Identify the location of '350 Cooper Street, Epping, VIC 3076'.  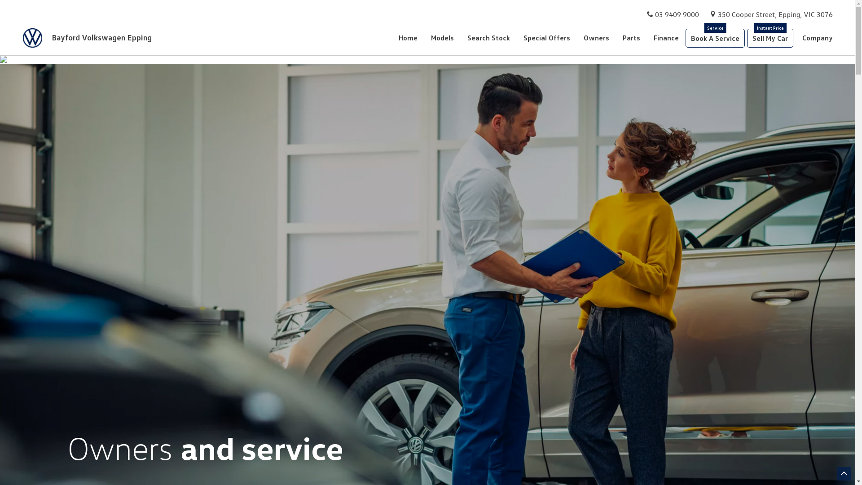
(775, 14).